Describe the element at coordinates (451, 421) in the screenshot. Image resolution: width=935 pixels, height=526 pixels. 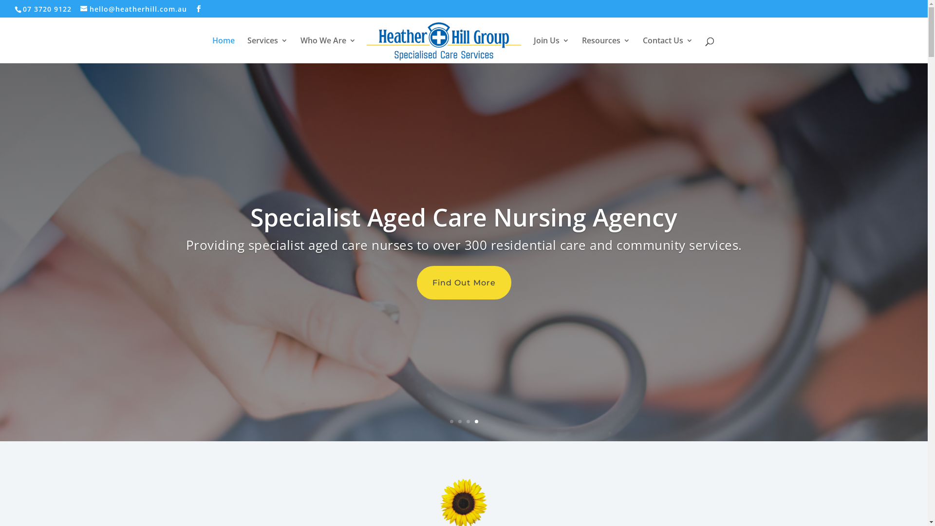
I see `'1'` at that location.